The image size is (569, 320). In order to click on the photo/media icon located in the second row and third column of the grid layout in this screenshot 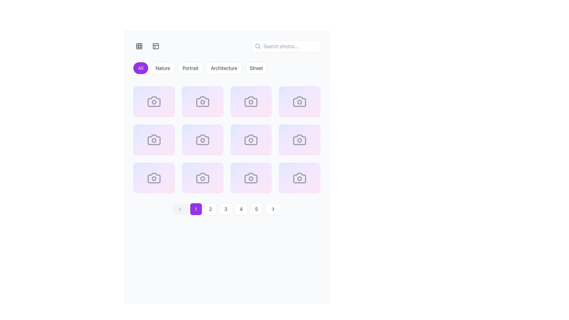, I will do `click(251, 101)`.